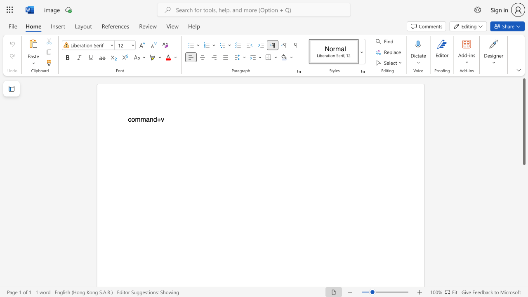 The width and height of the screenshot is (528, 297). What do you see at coordinates (523, 181) in the screenshot?
I see `the scrollbar to slide the page down` at bounding box center [523, 181].